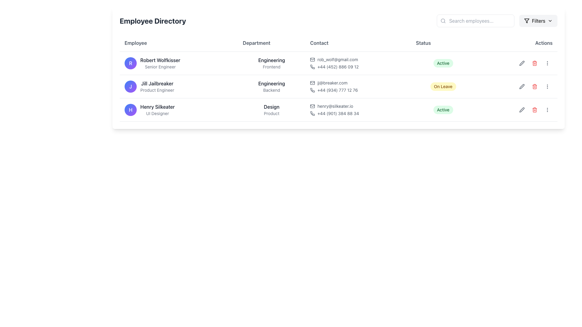 The width and height of the screenshot is (582, 327). Describe the element at coordinates (179, 63) in the screenshot. I see `the information block displaying the name 'Robert Wolfkisser' and the title 'Senior Engineer', which includes a circular icon with a gradient background and the letter 'R' in white` at that location.